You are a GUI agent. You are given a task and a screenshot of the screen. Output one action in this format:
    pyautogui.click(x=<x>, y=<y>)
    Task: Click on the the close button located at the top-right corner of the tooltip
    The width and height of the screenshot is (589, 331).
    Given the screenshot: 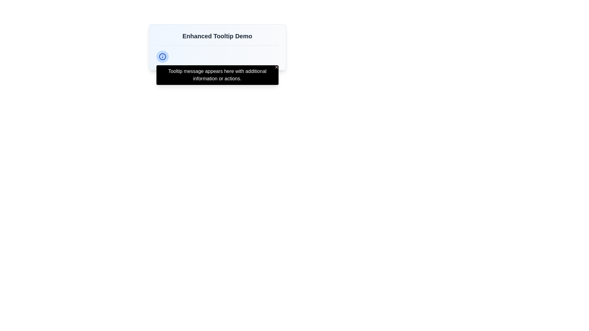 What is the action you would take?
    pyautogui.click(x=276, y=67)
    